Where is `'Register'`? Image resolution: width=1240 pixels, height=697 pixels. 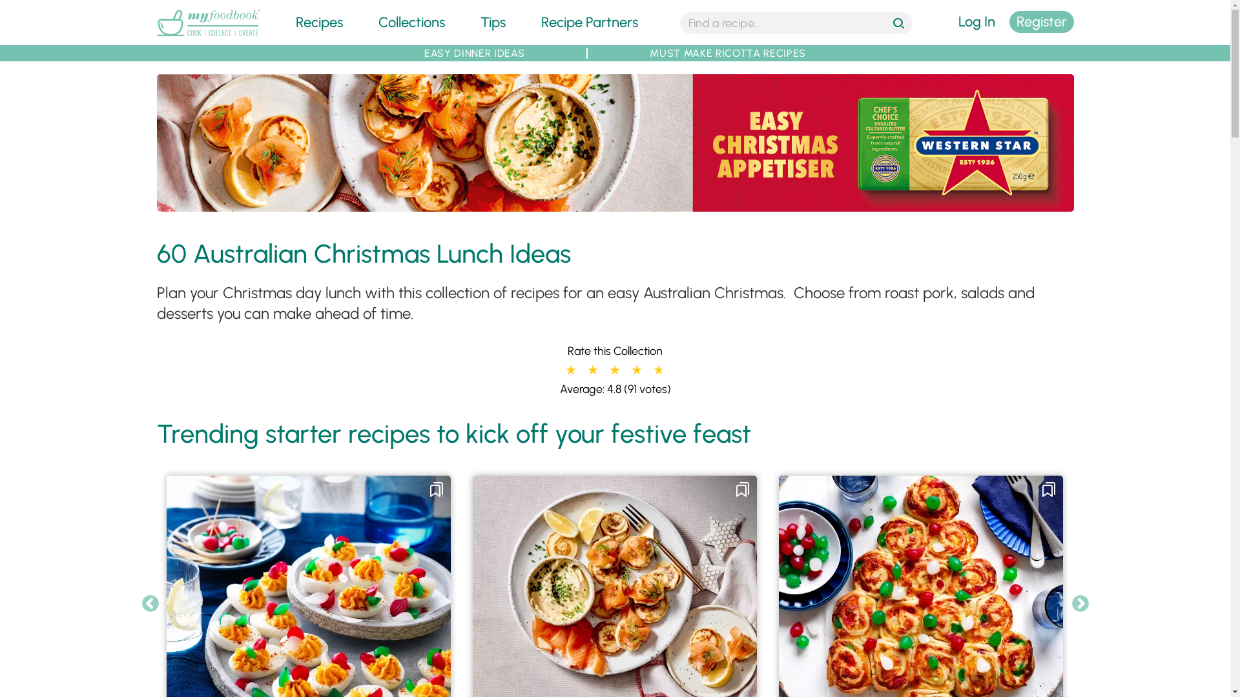
'Register' is located at coordinates (1041, 22).